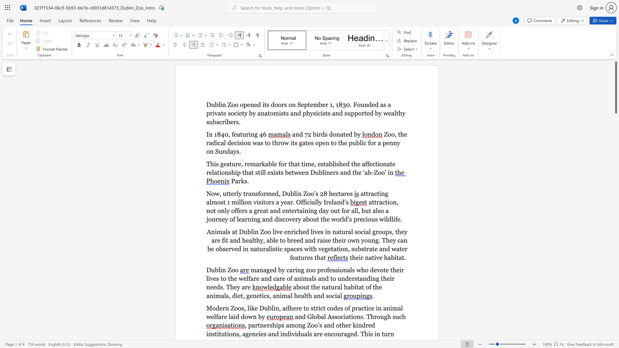  Describe the element at coordinates (217, 270) in the screenshot. I see `the 1th character "b" in the text` at that location.